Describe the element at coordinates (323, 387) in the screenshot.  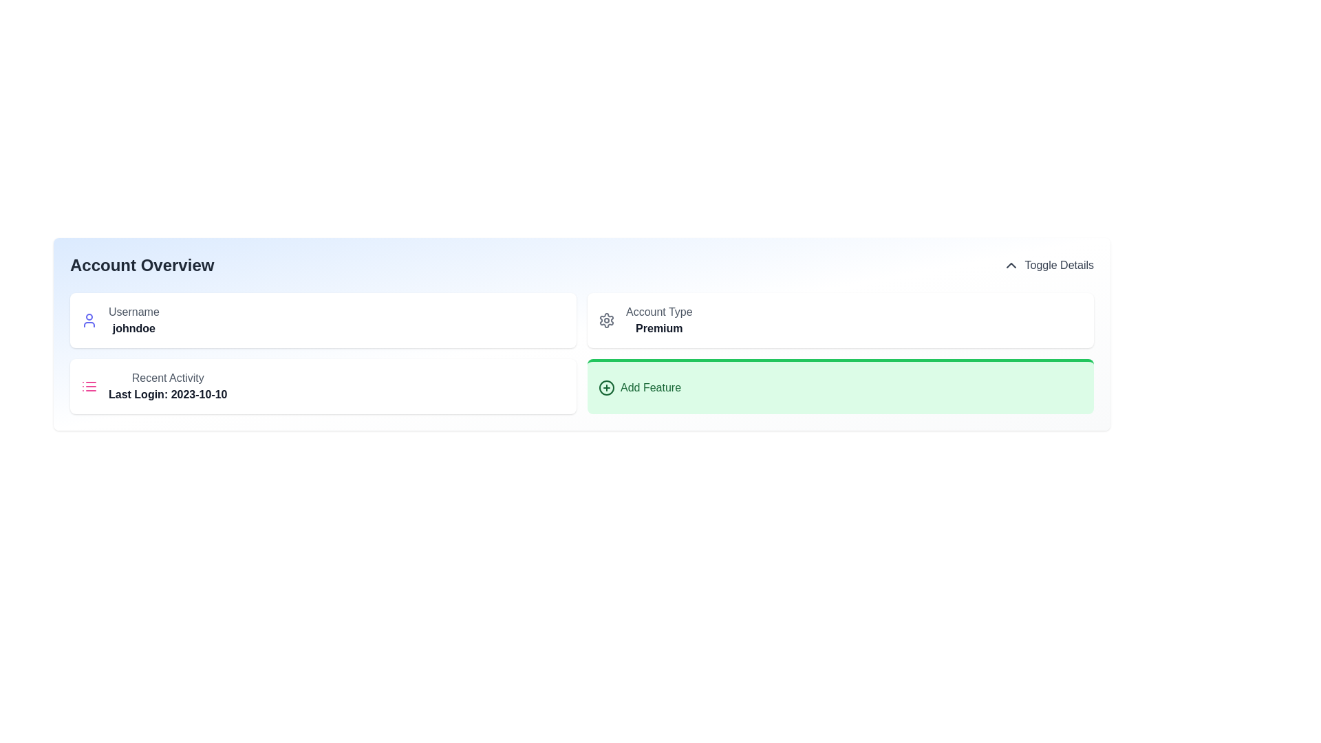
I see `the Information card displaying 'Recent Activity' and 'Last Login: 2023-10-10', which is positioned in the lower-left quadrant of the interface` at that location.